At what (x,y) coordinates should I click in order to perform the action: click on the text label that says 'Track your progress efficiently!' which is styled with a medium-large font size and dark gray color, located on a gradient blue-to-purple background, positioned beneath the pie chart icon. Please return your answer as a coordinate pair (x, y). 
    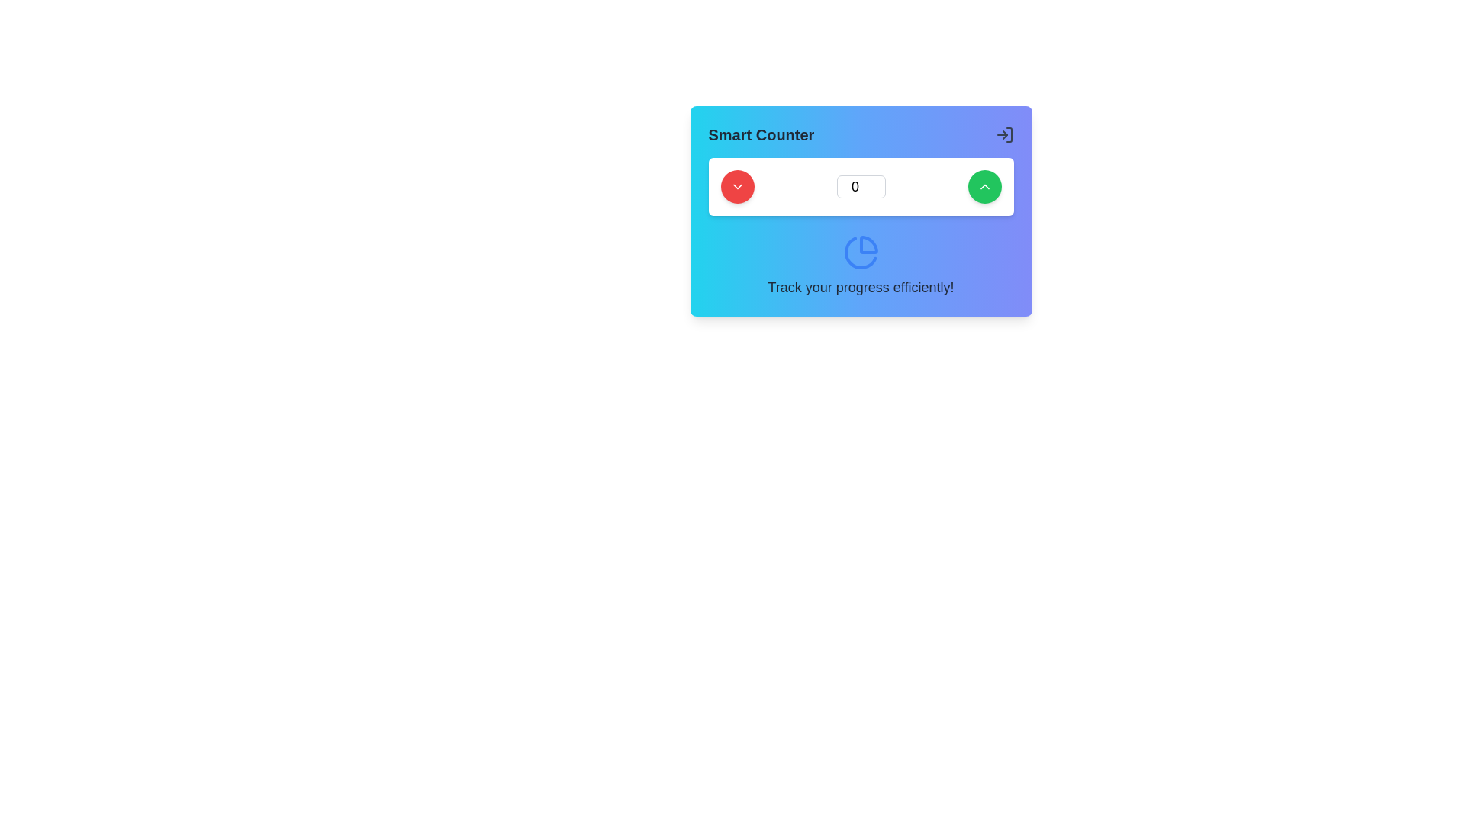
    Looking at the image, I should click on (861, 288).